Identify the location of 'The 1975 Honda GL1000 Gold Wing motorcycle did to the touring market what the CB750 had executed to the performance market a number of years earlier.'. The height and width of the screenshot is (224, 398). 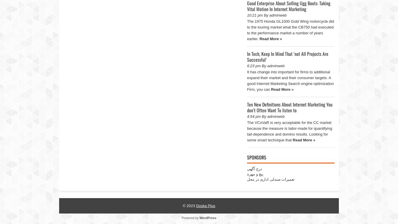
(290, 30).